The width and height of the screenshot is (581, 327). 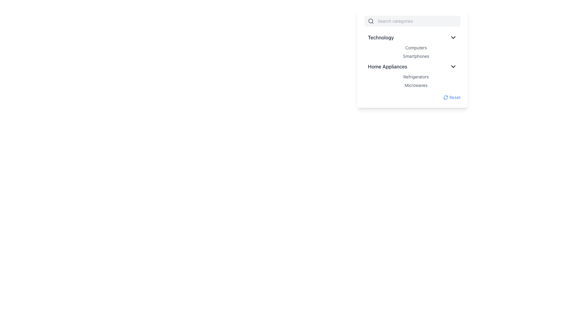 What do you see at coordinates (453, 37) in the screenshot?
I see `the downward-pointing chevron icon located to the right of the 'Technology' text in the dropdown menu` at bounding box center [453, 37].